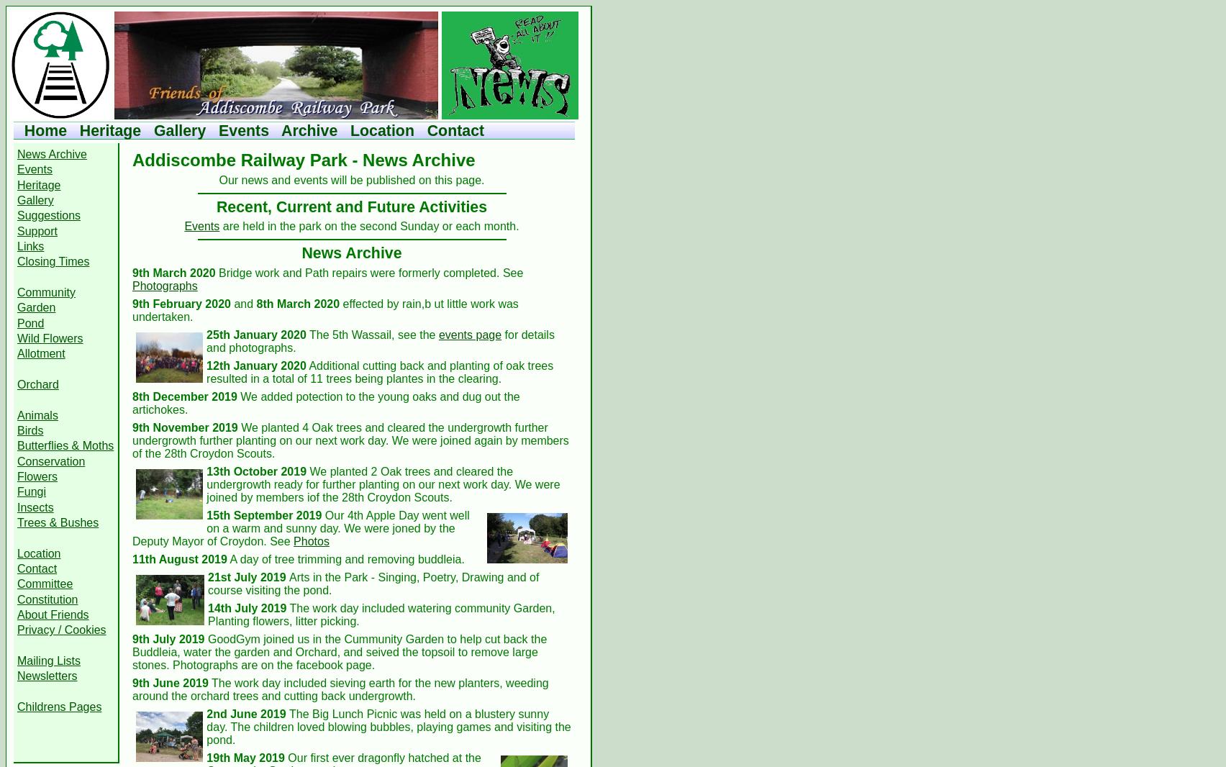 The width and height of the screenshot is (1226, 767). Describe the element at coordinates (132, 439) in the screenshot. I see `'We planted 4 Oak trees and cleared the undergrowth further undergrowth further planting on our next work day.
We were joined again by members of the 28th Croydon Scouts.'` at that location.